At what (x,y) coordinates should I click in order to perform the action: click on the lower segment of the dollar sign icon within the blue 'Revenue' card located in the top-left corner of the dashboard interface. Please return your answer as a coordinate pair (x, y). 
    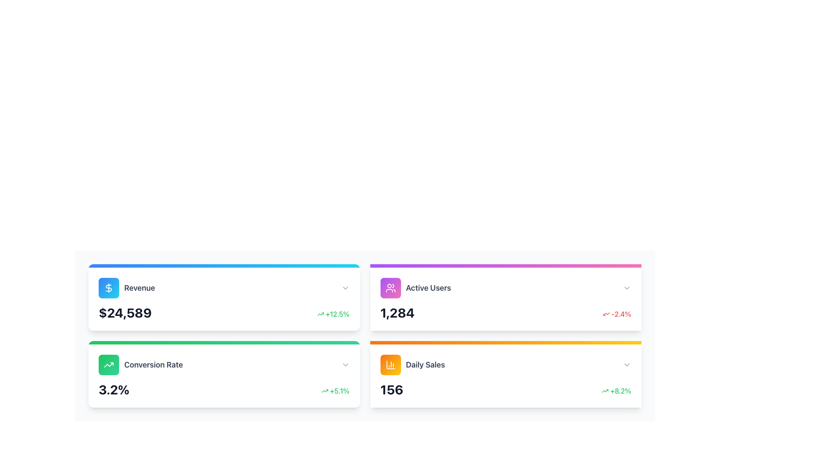
    Looking at the image, I should click on (108, 288).